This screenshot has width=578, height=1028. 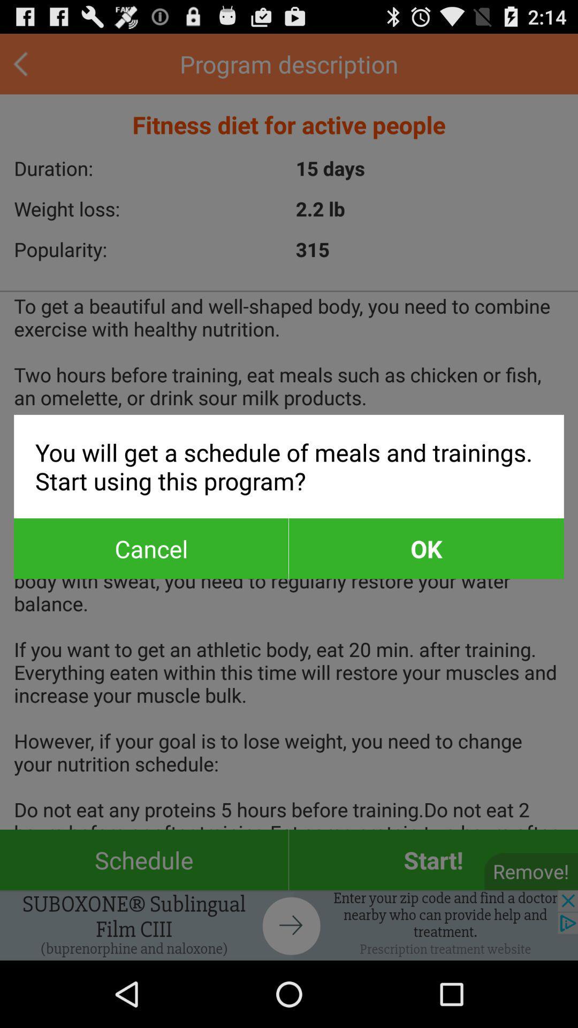 I want to click on the ok on the right, so click(x=425, y=548).